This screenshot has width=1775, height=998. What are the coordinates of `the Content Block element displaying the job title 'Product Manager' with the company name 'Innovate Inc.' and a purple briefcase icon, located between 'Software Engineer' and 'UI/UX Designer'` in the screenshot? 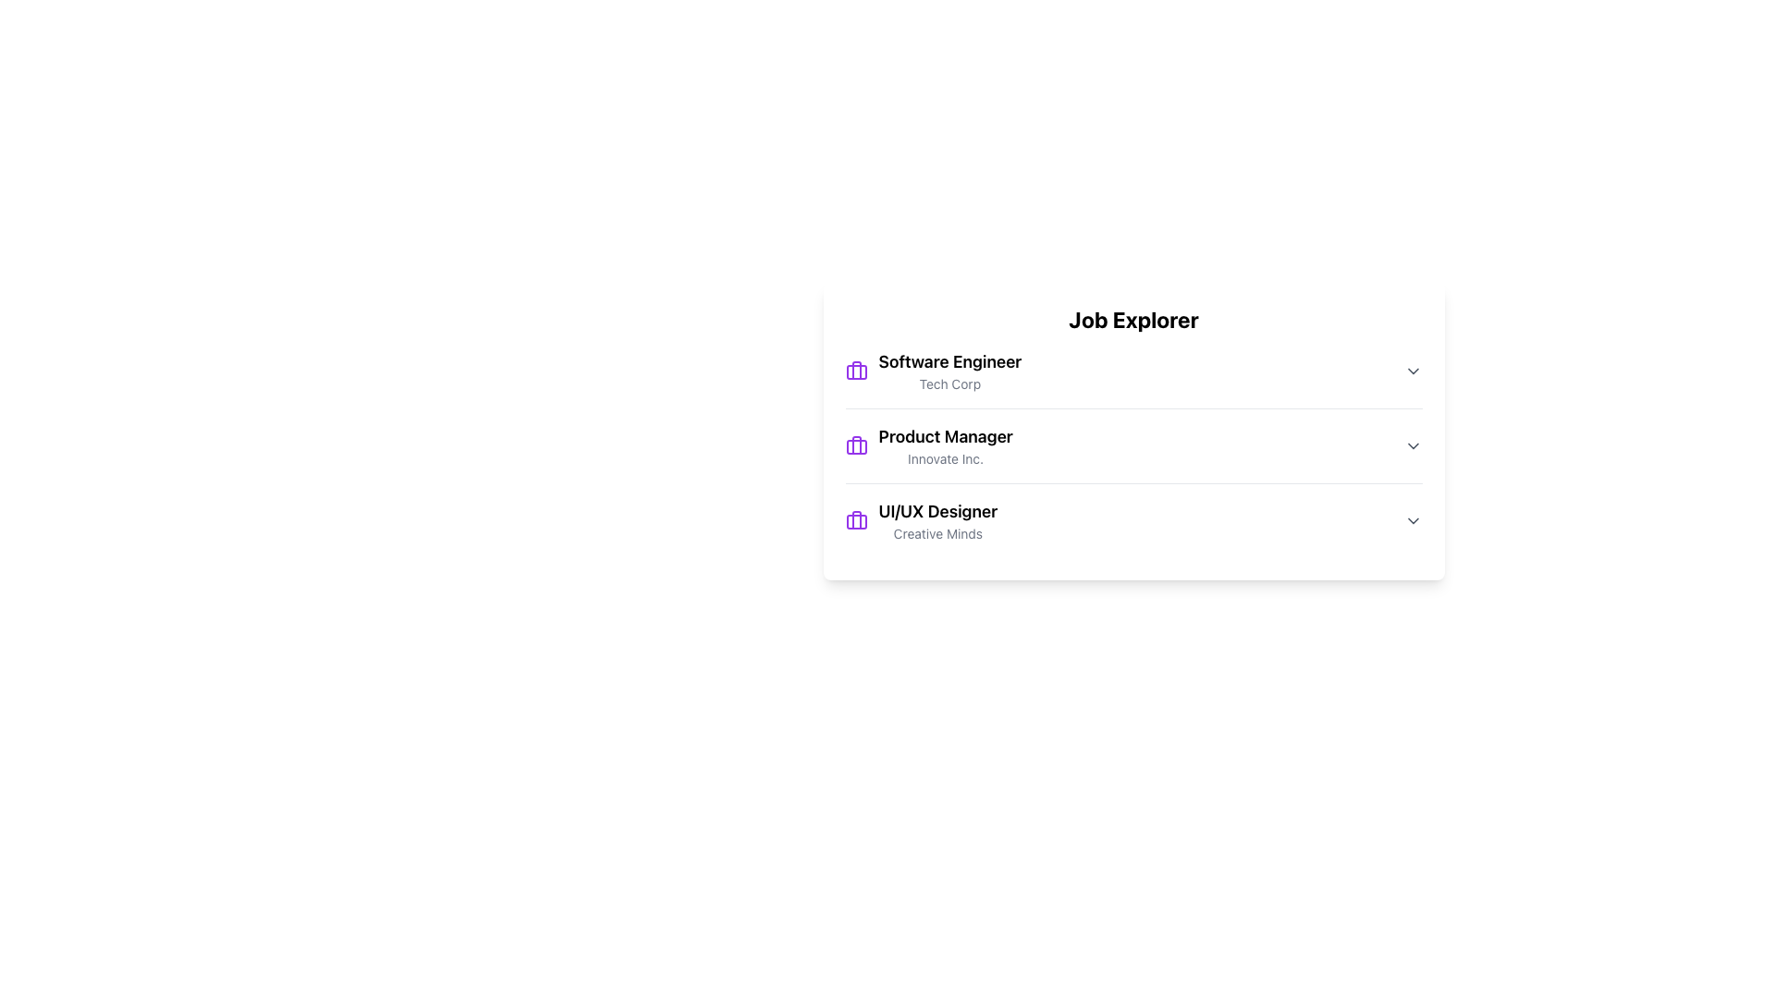 It's located at (929, 445).